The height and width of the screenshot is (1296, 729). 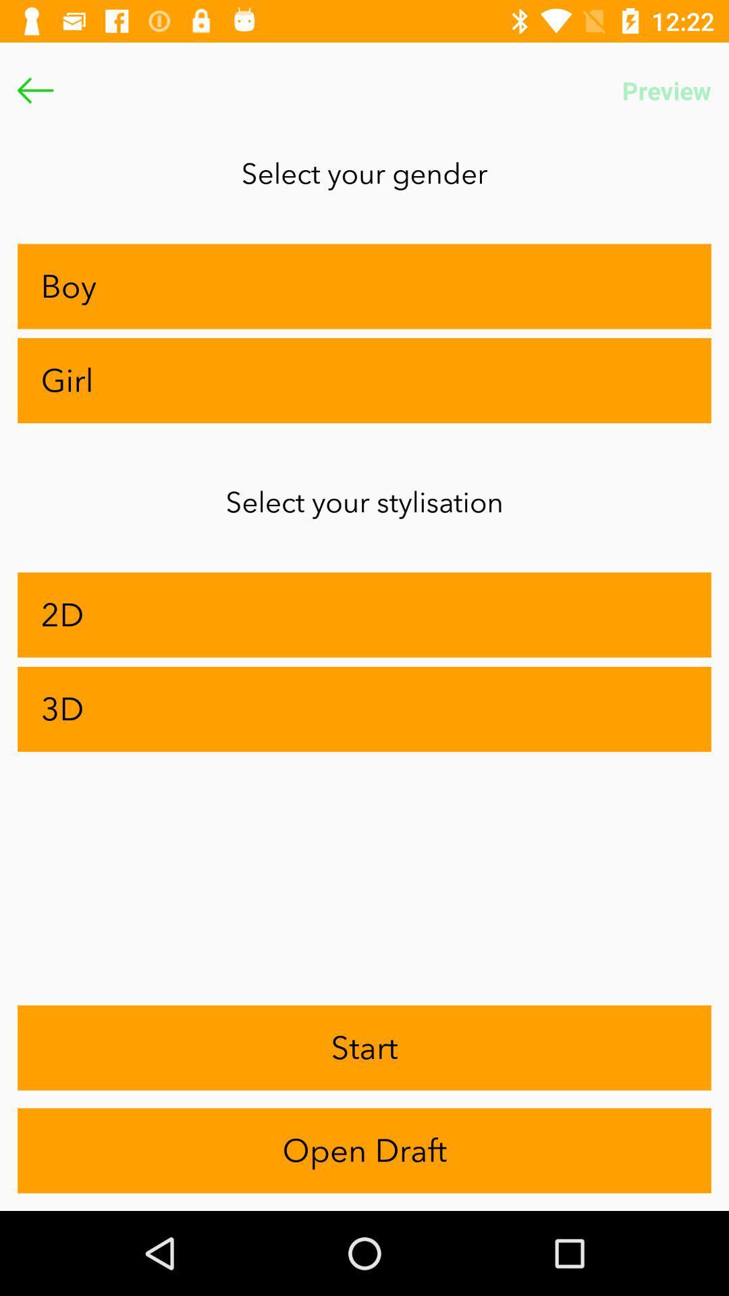 What do you see at coordinates (34, 90) in the screenshot?
I see `the arrow_backward icon` at bounding box center [34, 90].